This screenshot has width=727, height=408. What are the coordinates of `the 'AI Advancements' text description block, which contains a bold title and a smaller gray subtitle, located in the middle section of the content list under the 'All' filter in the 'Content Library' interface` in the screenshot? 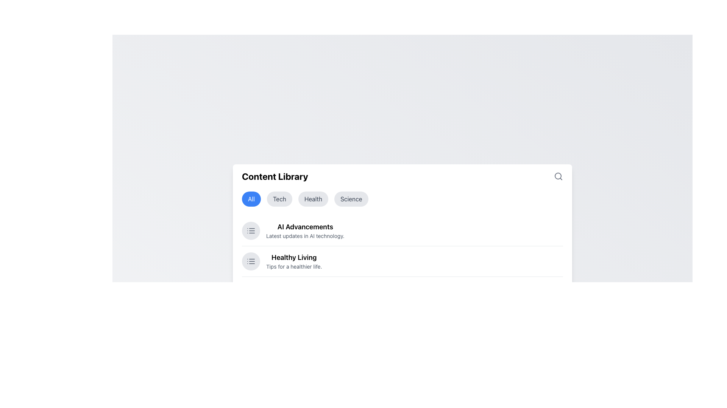 It's located at (305, 230).